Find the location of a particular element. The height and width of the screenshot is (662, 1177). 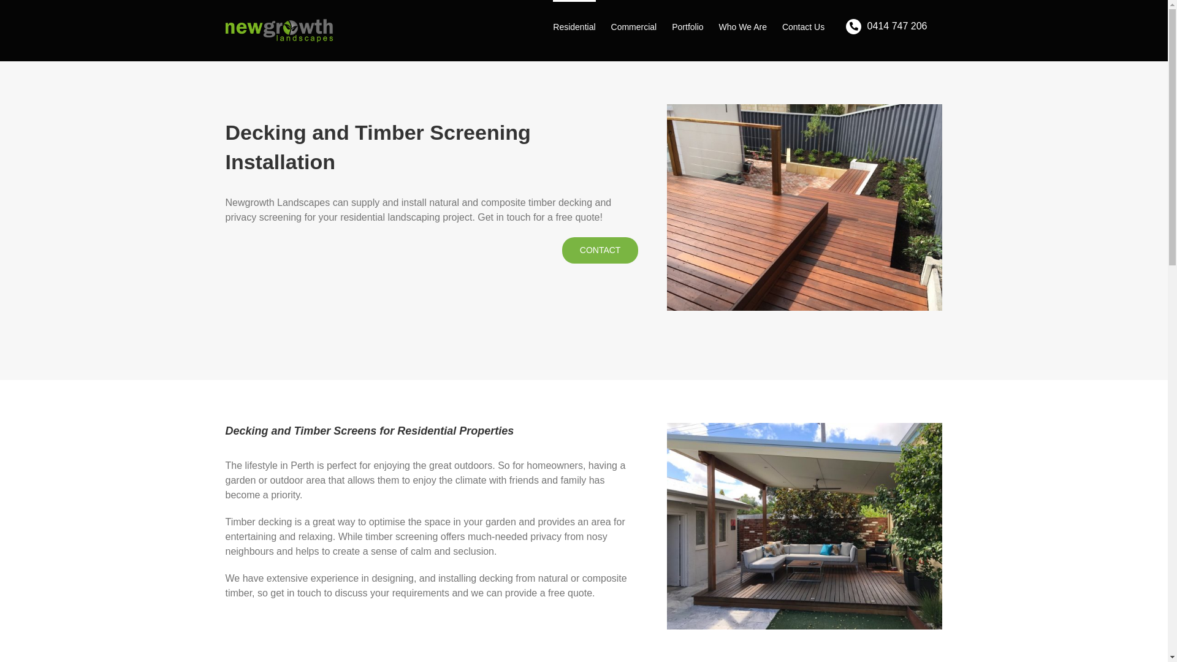

'CONTACT' is located at coordinates (600, 249).